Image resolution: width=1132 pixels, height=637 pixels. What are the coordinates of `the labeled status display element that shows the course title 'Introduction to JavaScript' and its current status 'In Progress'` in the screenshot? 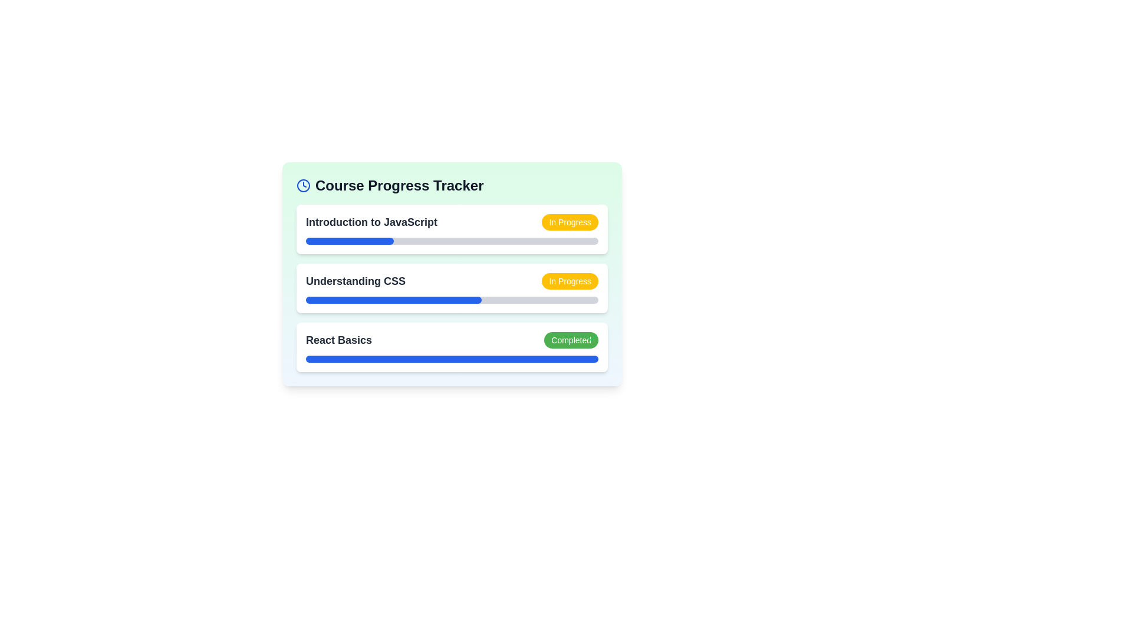 It's located at (452, 222).